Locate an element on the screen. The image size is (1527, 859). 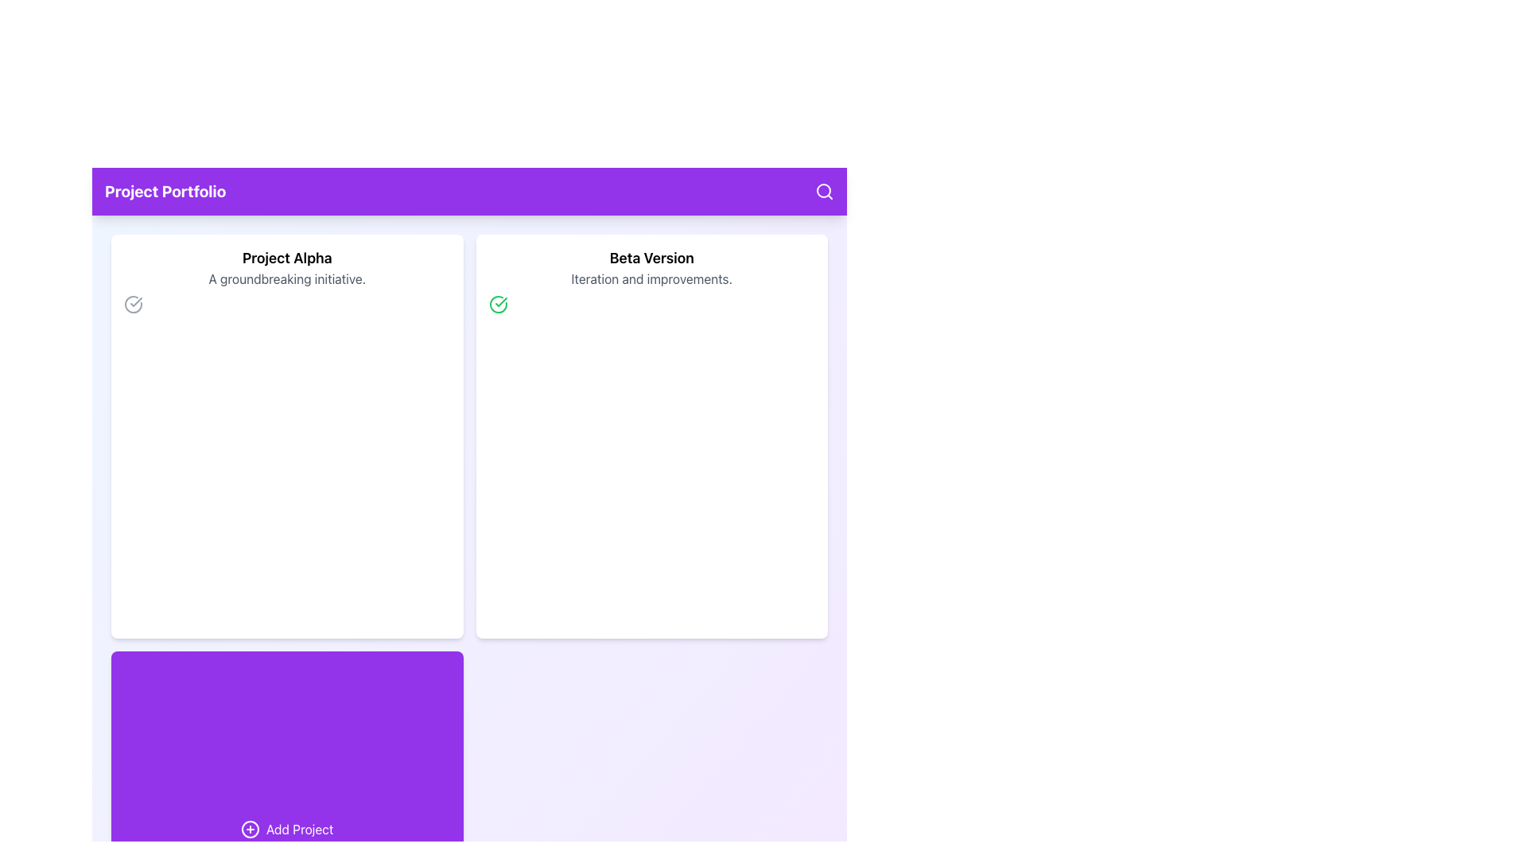
the 'Add Project' button that contains a circular plus icon, located at the bottom center of the interface is located at coordinates (250, 828).